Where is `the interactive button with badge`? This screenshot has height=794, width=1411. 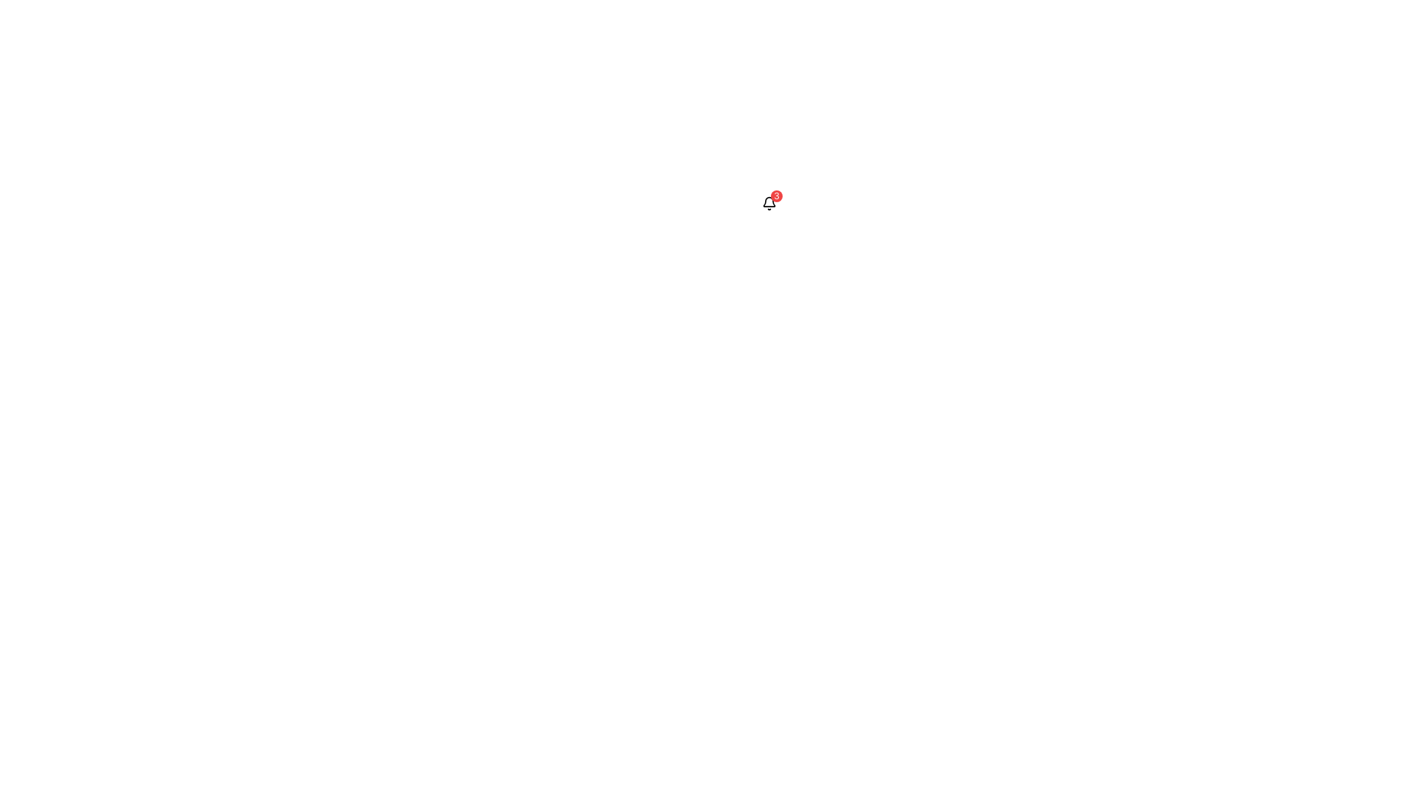 the interactive button with badge is located at coordinates (768, 204).